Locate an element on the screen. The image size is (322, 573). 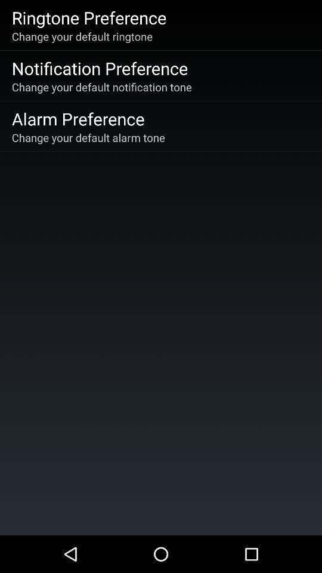
icon above the change your default item is located at coordinates (88, 17).